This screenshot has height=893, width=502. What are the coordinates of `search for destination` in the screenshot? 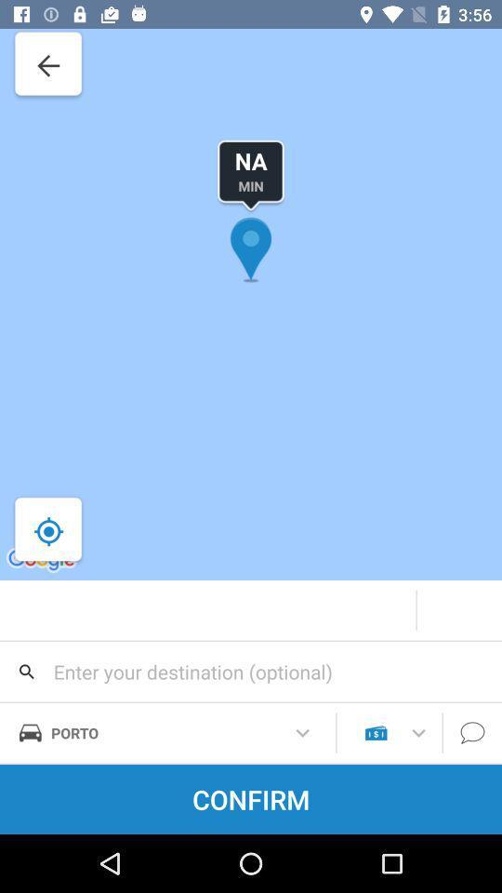 It's located at (251, 671).